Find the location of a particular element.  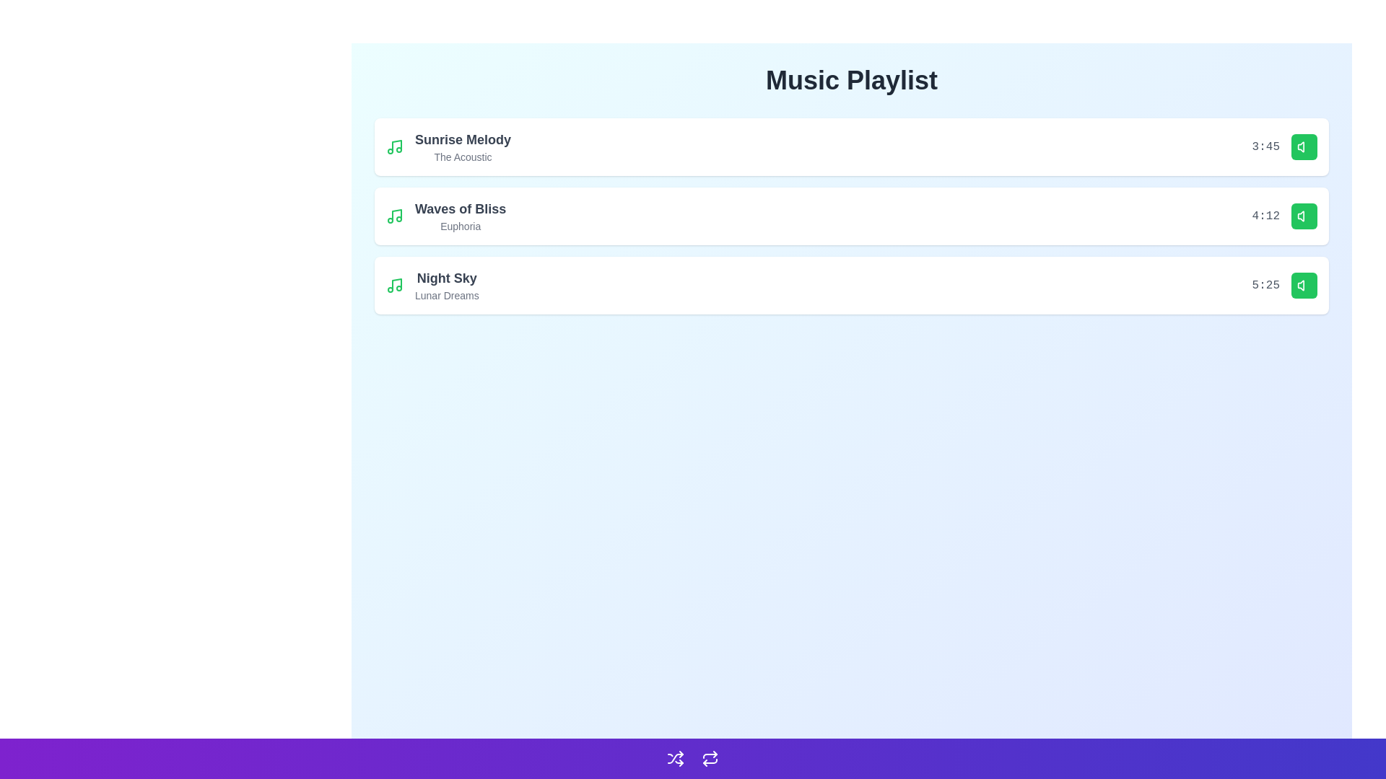

the text label displaying 'Lunar Dreams', which is styled with a gray color and positioned below the title 'Night Sky' in the playlist UI is located at coordinates (446, 294).